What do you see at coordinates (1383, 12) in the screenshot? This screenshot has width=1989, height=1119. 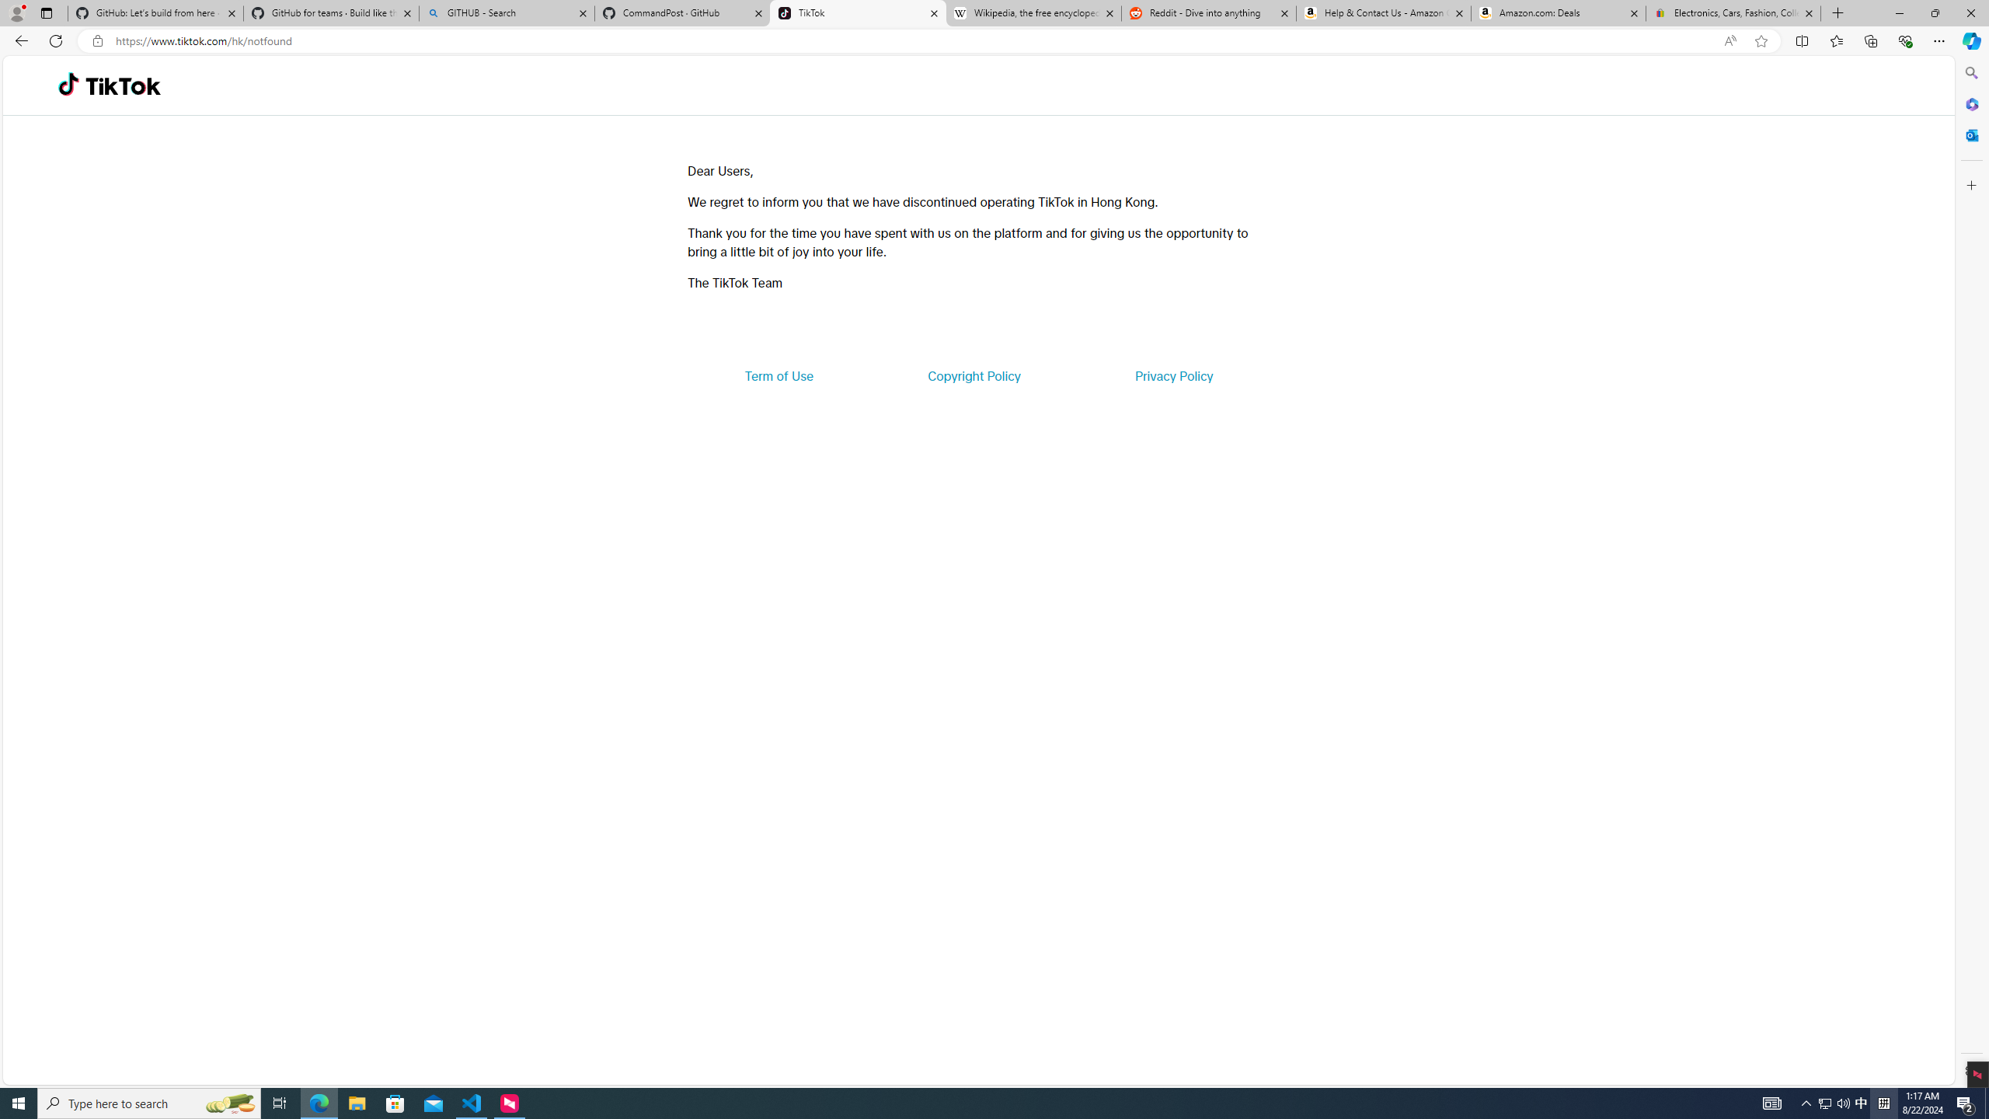 I see `'Help & Contact Us - Amazon Customer Service'` at bounding box center [1383, 12].